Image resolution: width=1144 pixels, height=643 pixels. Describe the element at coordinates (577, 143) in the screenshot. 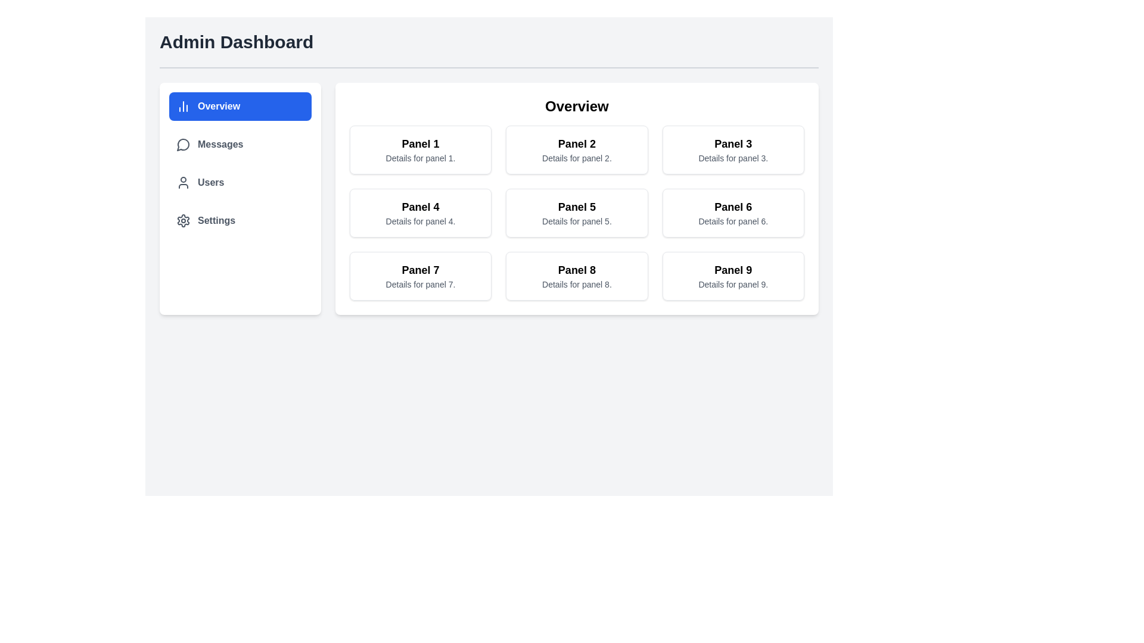

I see `the text label displaying 'Panel 2', which serves as the heading for the second panel in the central grid layout` at that location.